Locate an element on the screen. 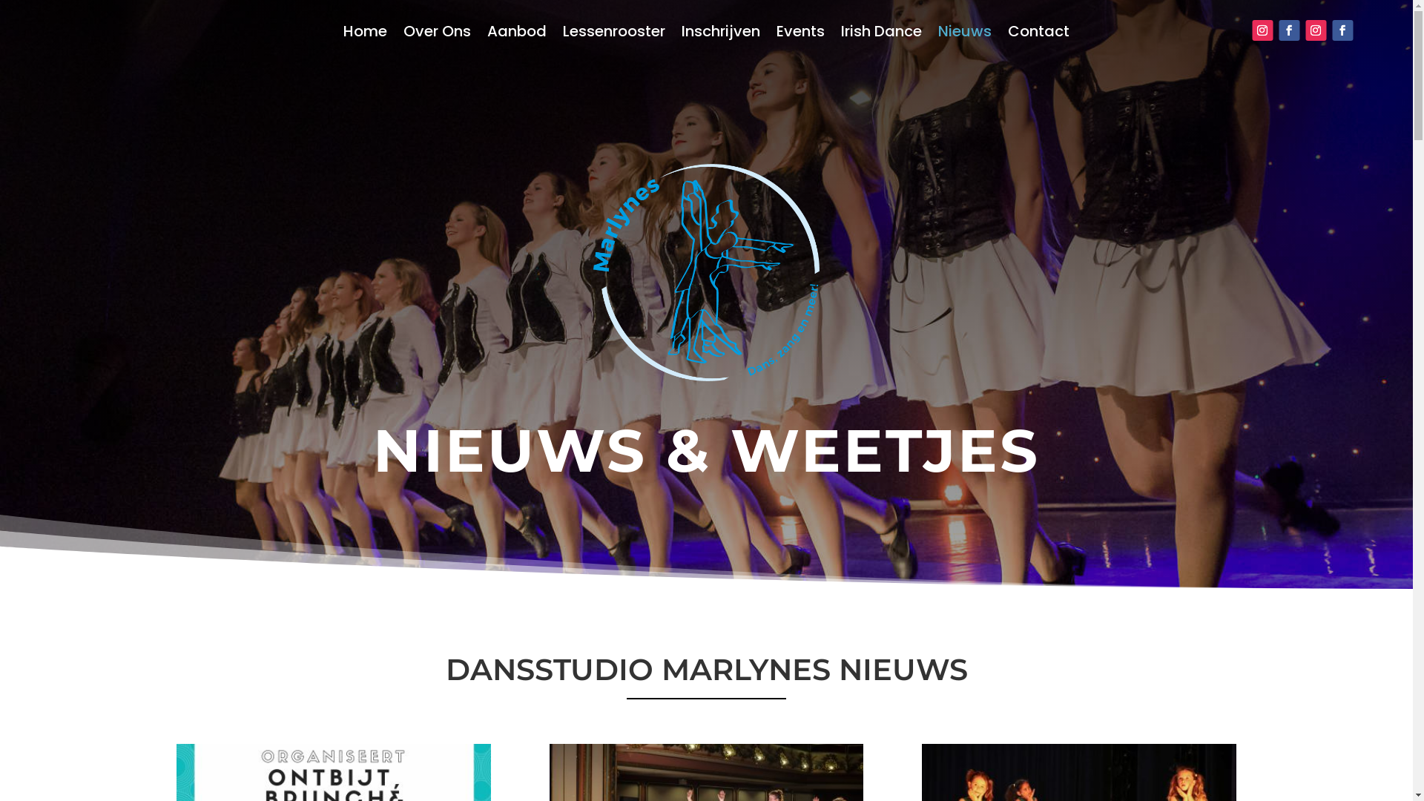 This screenshot has width=1424, height=801. 'Over Ons' is located at coordinates (436, 33).